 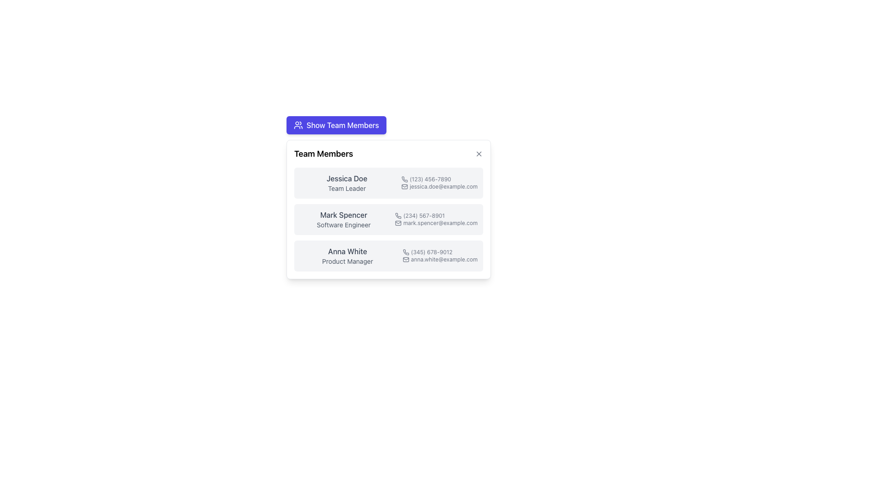 I want to click on the mail icon with soft rounded corners located near the text 'jessica.doe@example.com' in the 'Jessica Doe' section of the 'Team Members' card, so click(x=404, y=186).